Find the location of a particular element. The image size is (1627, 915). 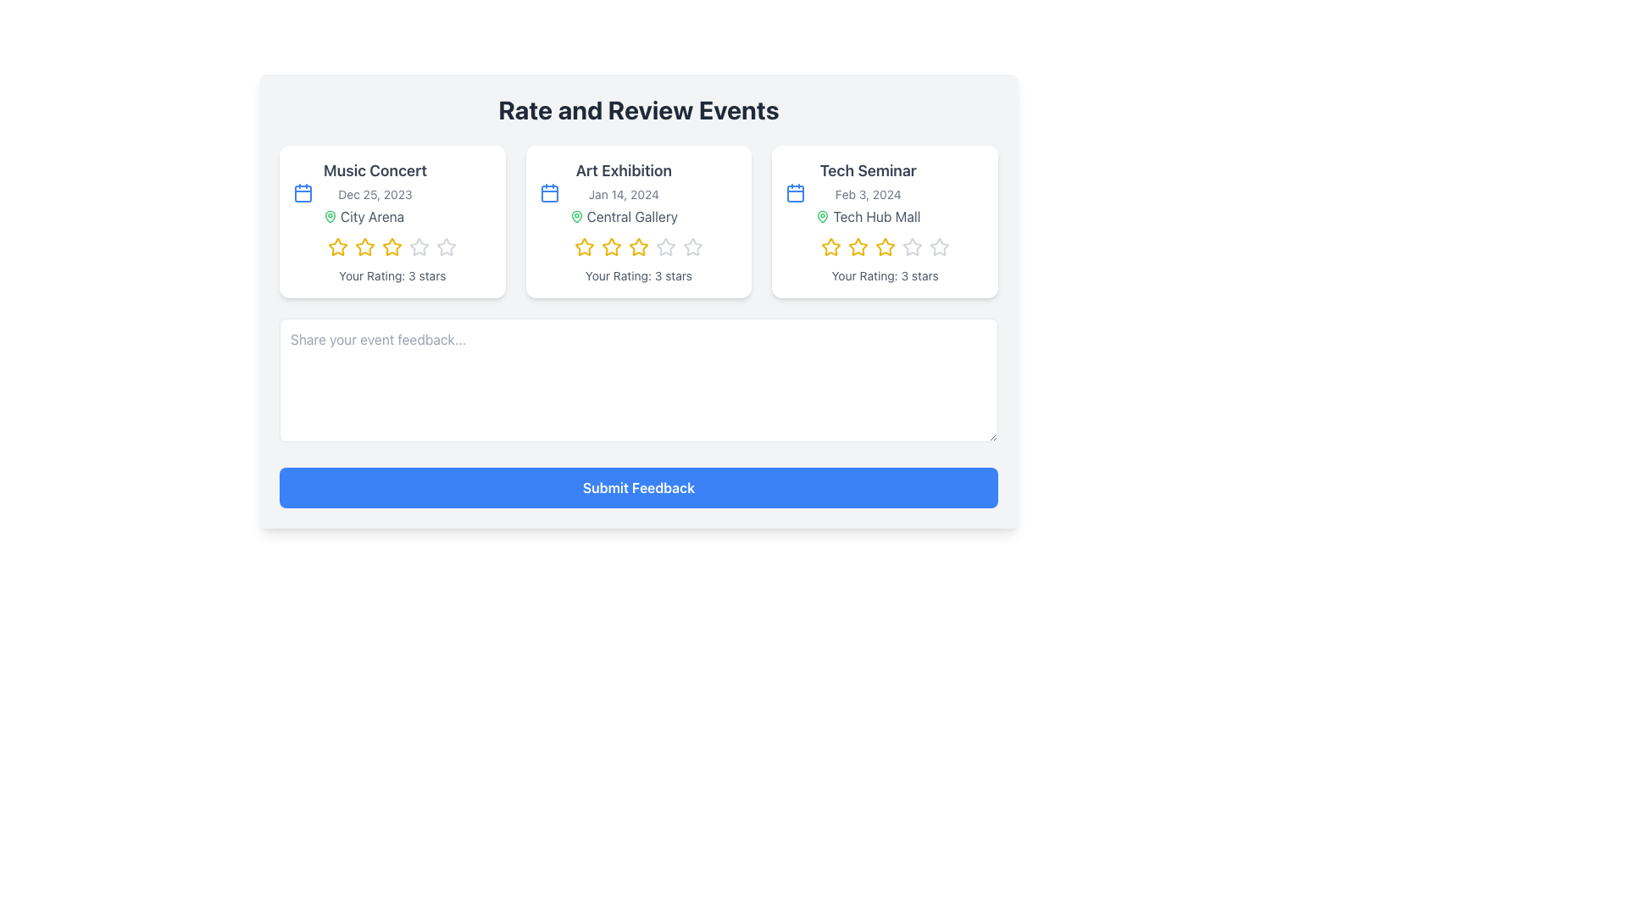

the gray rectangle with rounded edges located within the calendar icon of the 'Art Exhibition' event card is located at coordinates (549, 192).